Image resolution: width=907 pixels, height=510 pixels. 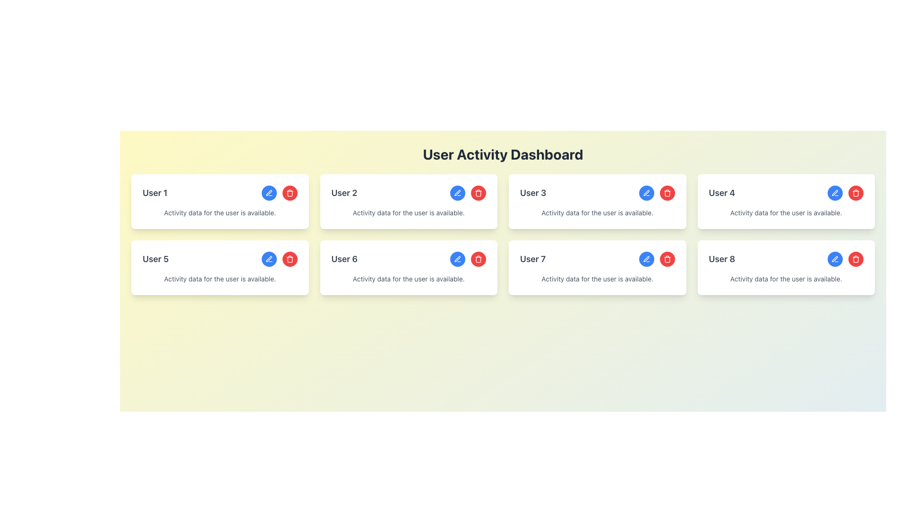 What do you see at coordinates (289, 192) in the screenshot?
I see `the delete icon button located within a rounded red button in the top-right corner of the user card labeled 'User 2' to initiate the deletion process` at bounding box center [289, 192].